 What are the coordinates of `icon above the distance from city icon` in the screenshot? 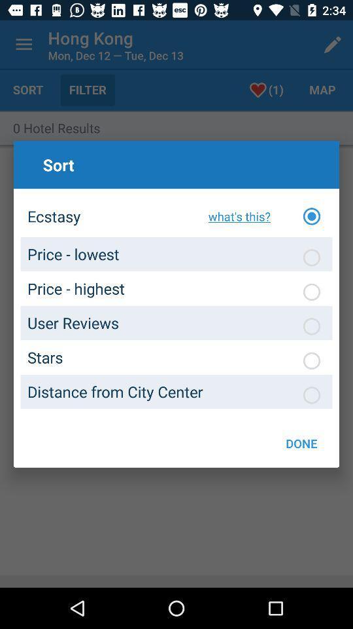 It's located at (235, 216).